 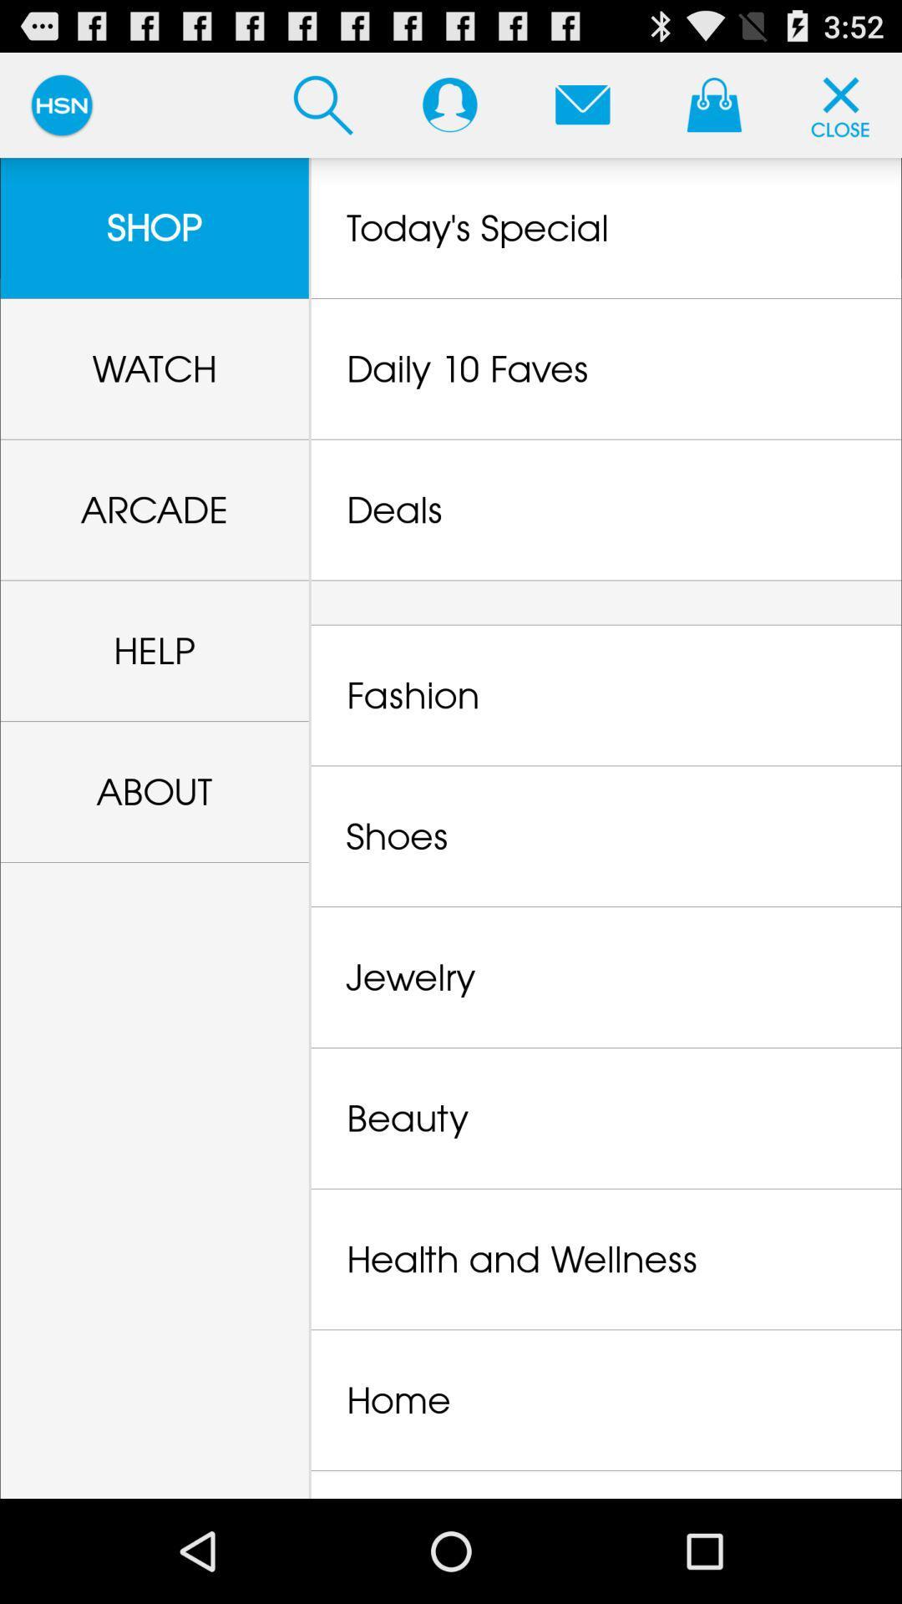 I want to click on the message icon at top of the page, so click(x=582, y=104).